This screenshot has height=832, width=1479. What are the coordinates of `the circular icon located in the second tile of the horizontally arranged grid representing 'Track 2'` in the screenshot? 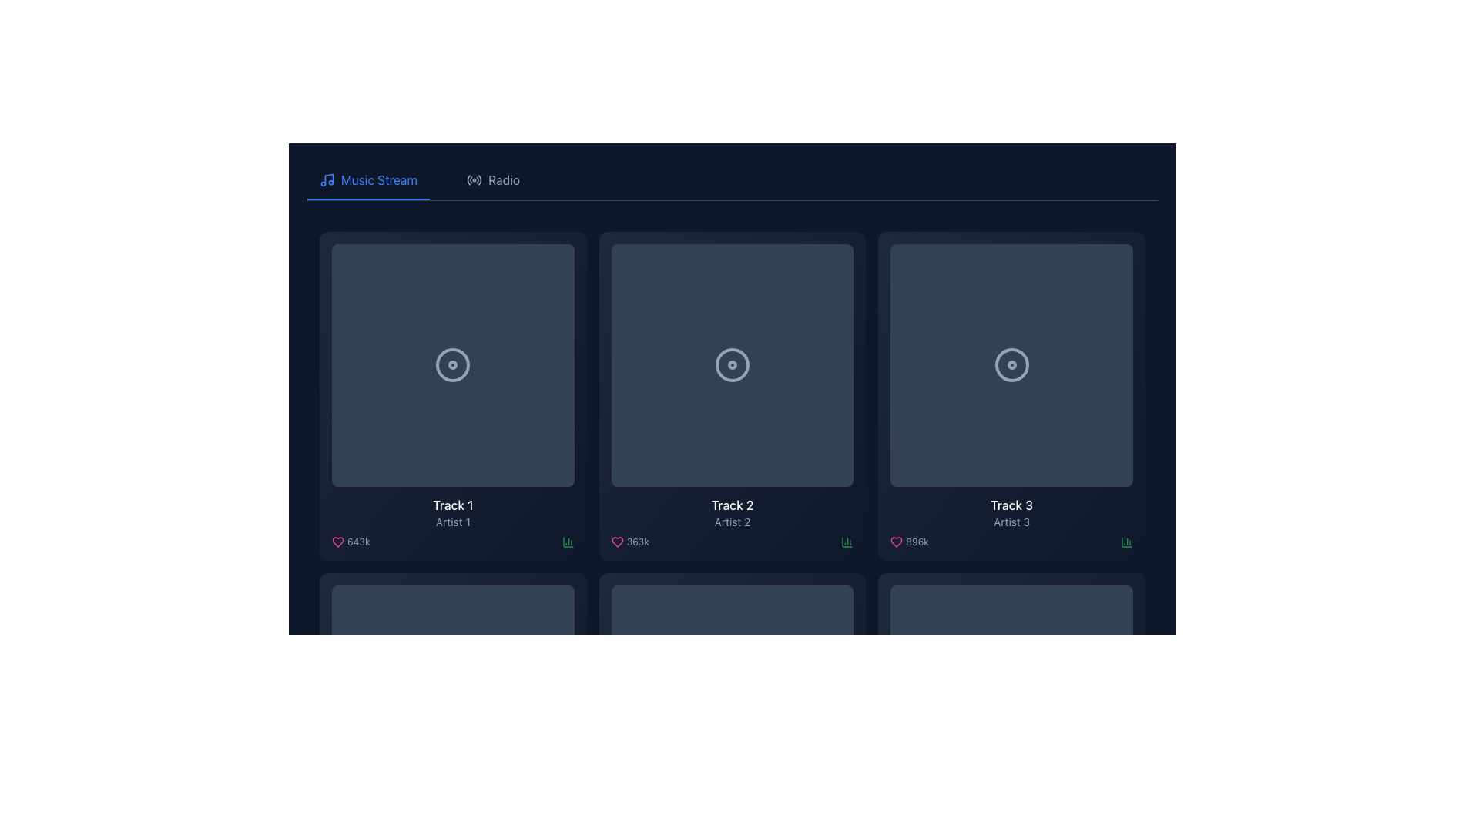 It's located at (731, 365).